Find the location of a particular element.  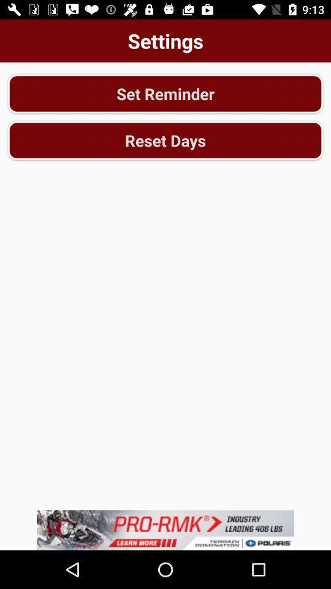

advertisement is located at coordinates (165, 529).